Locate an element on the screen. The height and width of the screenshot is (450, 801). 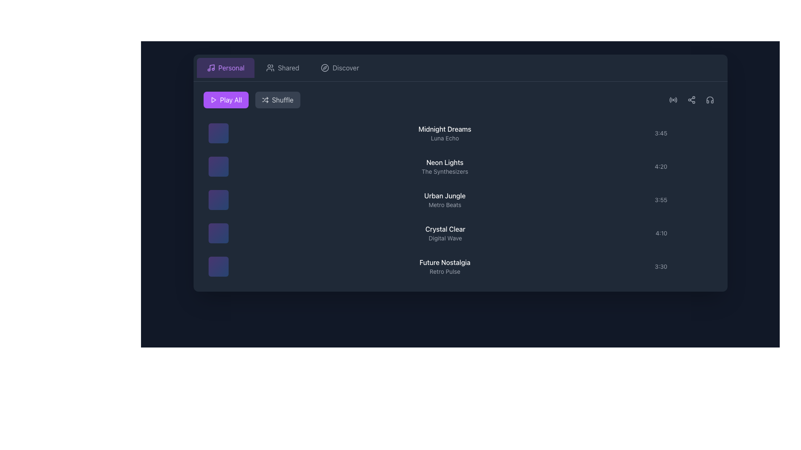
the interactive button for adding an associated item to a list, positioned to the right of the timestamp '3:45' is located at coordinates (693, 133).